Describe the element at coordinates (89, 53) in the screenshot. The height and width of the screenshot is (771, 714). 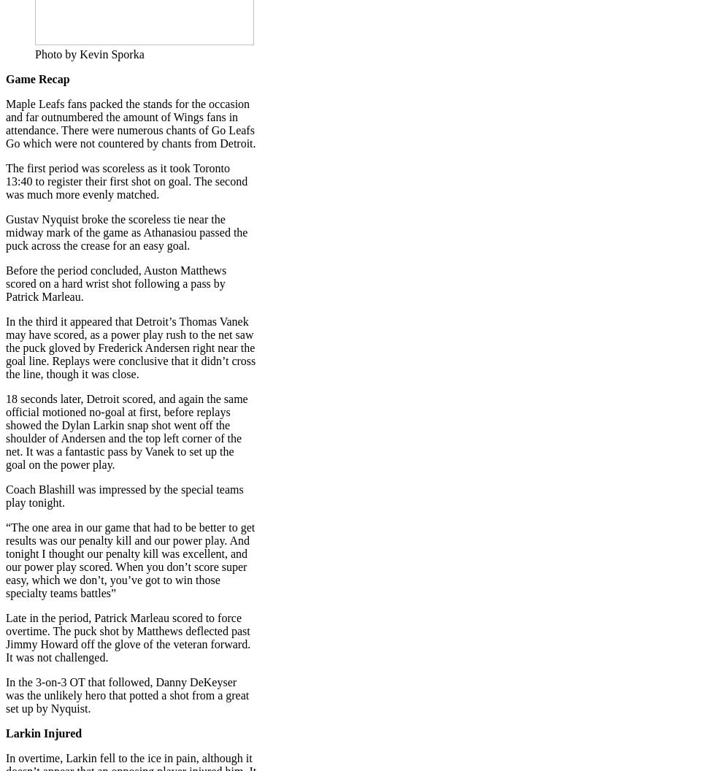
I see `'Photo by Kevin Sporka'` at that location.